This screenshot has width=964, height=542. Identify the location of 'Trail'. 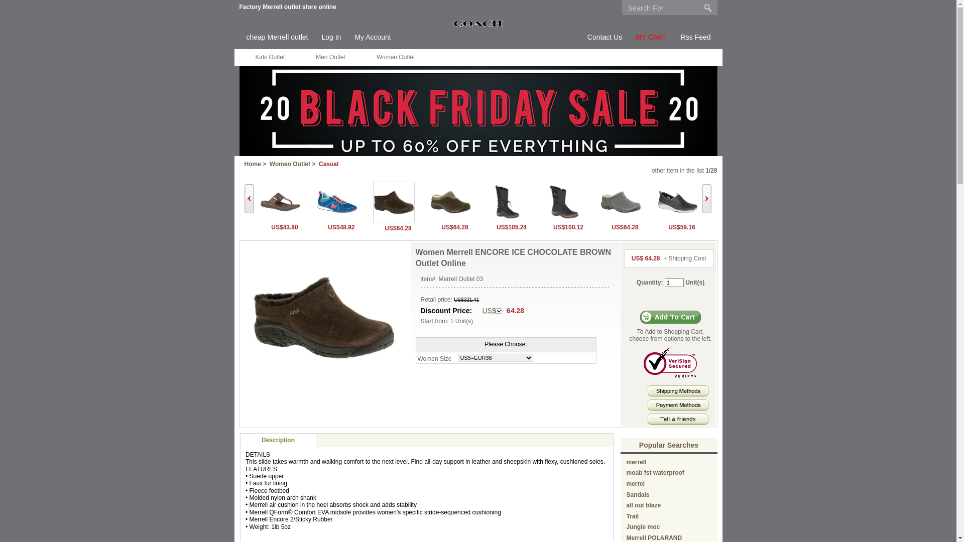
(632, 516).